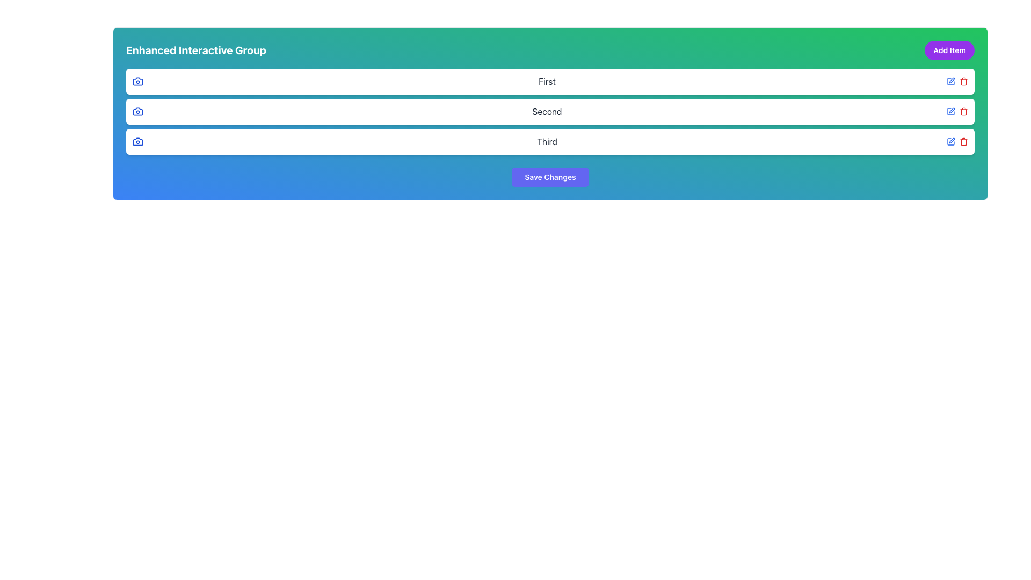  What do you see at coordinates (196, 50) in the screenshot?
I see `text of the heading component displaying 'Enhanced Interactive Group', which is styled prominently and located at the top left of the interface` at bounding box center [196, 50].